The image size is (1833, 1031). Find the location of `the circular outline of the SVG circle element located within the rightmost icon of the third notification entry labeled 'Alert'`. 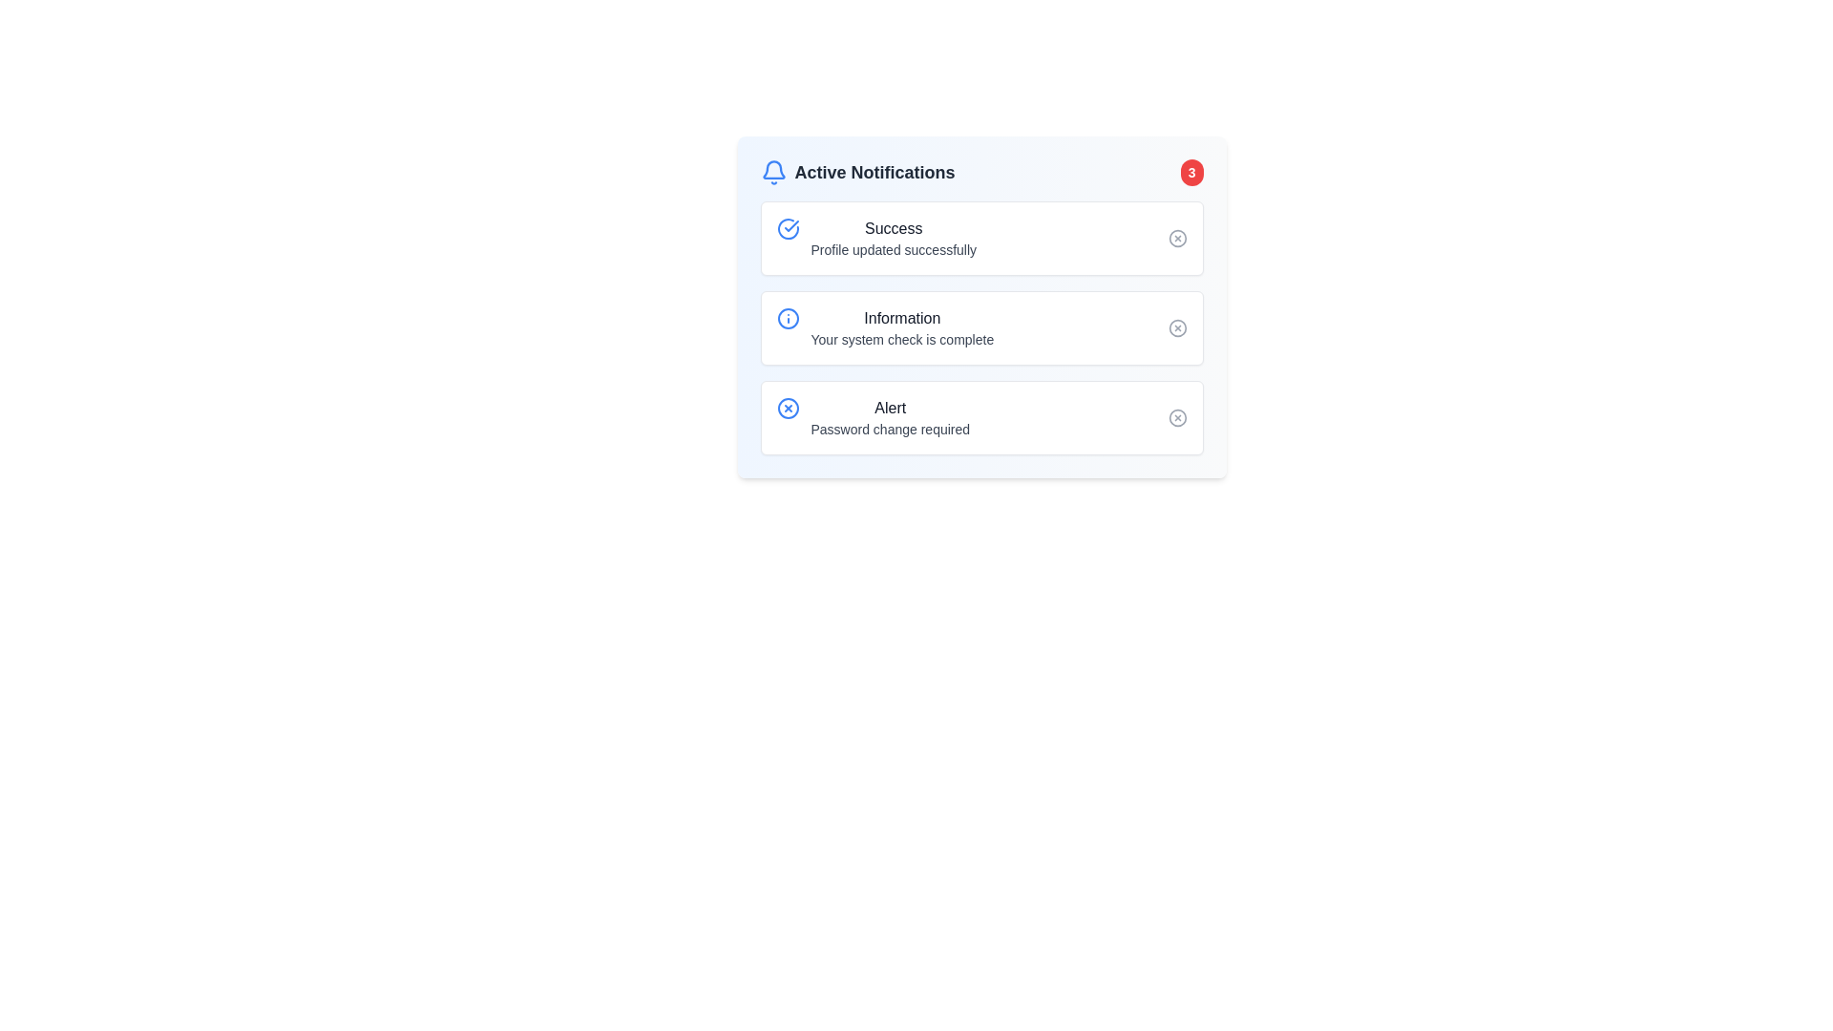

the circular outline of the SVG circle element located within the rightmost icon of the third notification entry labeled 'Alert' is located at coordinates (1176, 417).